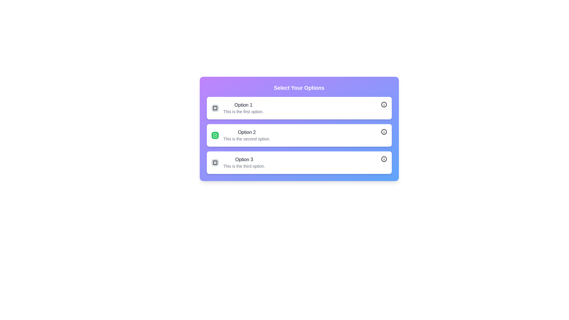 The image size is (569, 320). Describe the element at coordinates (215, 162) in the screenshot. I see `the checkbox icon representing the selectable state for 'Option 3'` at that location.